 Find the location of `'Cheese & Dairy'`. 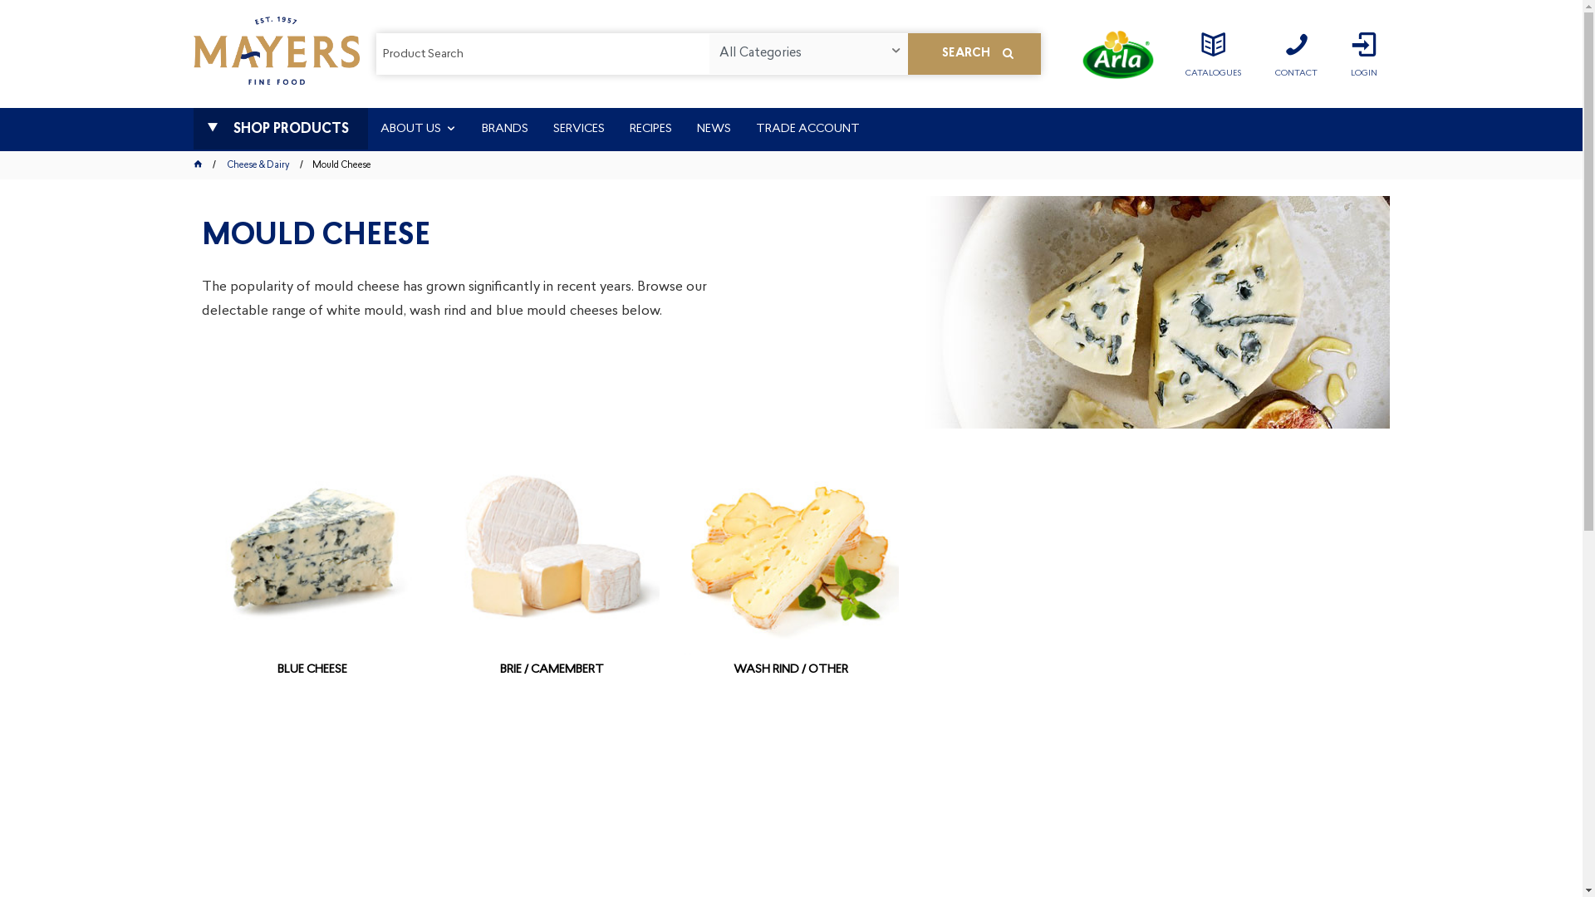

'Cheese & Dairy' is located at coordinates (258, 165).